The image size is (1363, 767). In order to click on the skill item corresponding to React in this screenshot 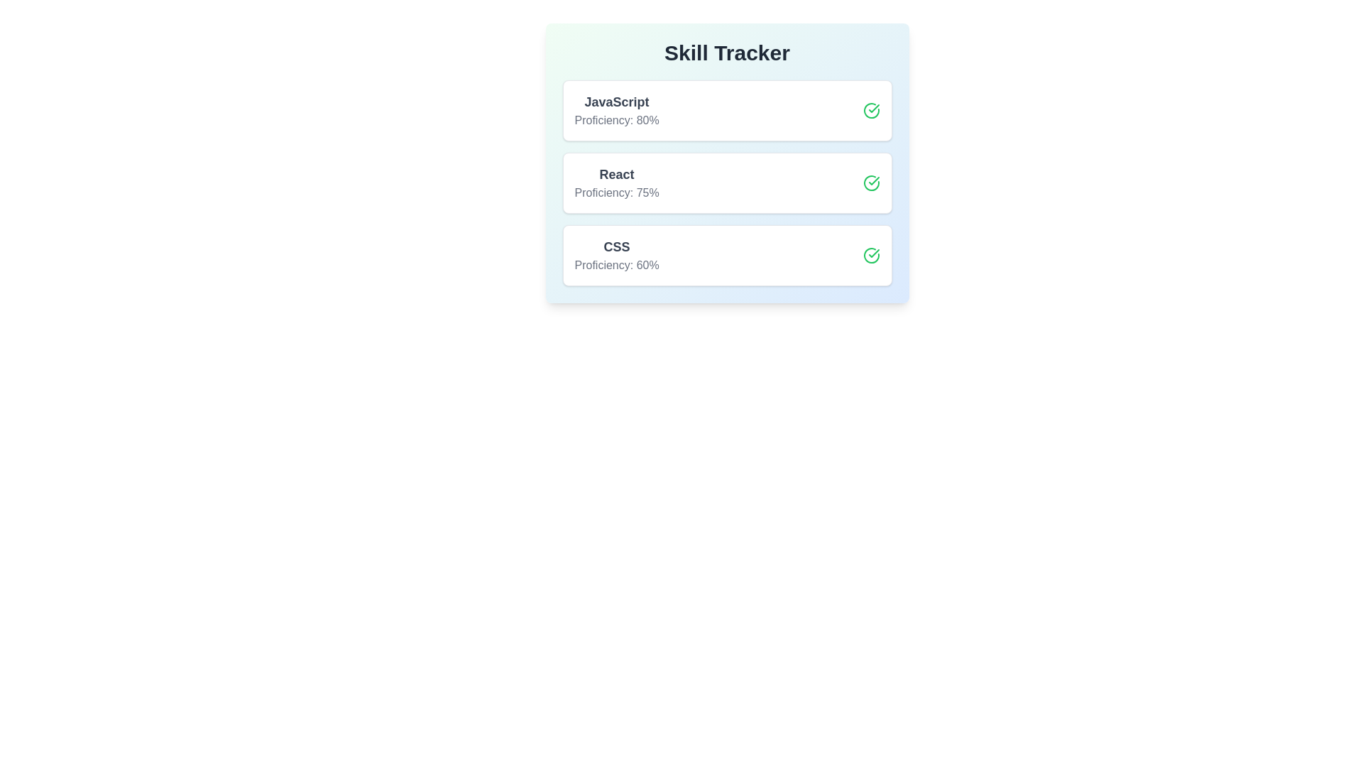, I will do `click(727, 183)`.